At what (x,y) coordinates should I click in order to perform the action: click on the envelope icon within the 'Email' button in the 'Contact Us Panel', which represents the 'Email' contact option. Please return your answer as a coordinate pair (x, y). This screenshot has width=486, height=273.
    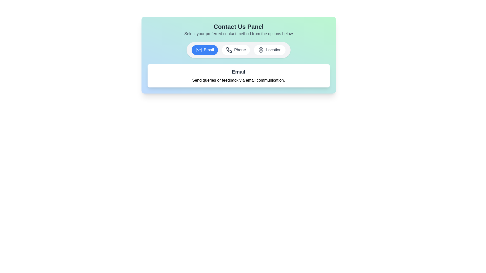
    Looking at the image, I should click on (198, 50).